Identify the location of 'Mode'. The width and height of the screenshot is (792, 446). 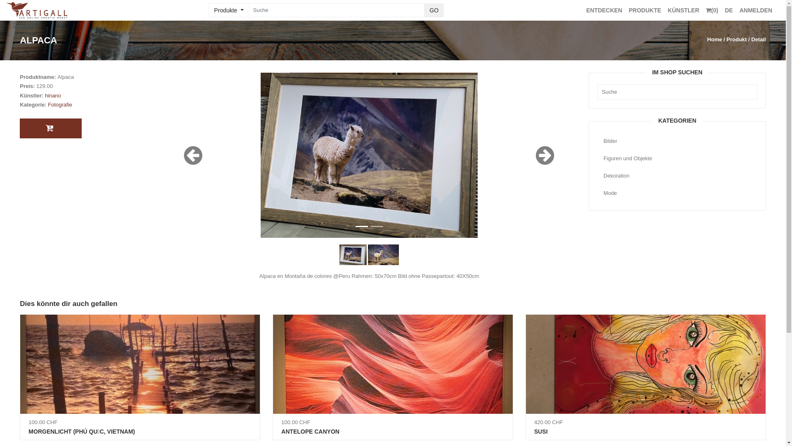
(677, 193).